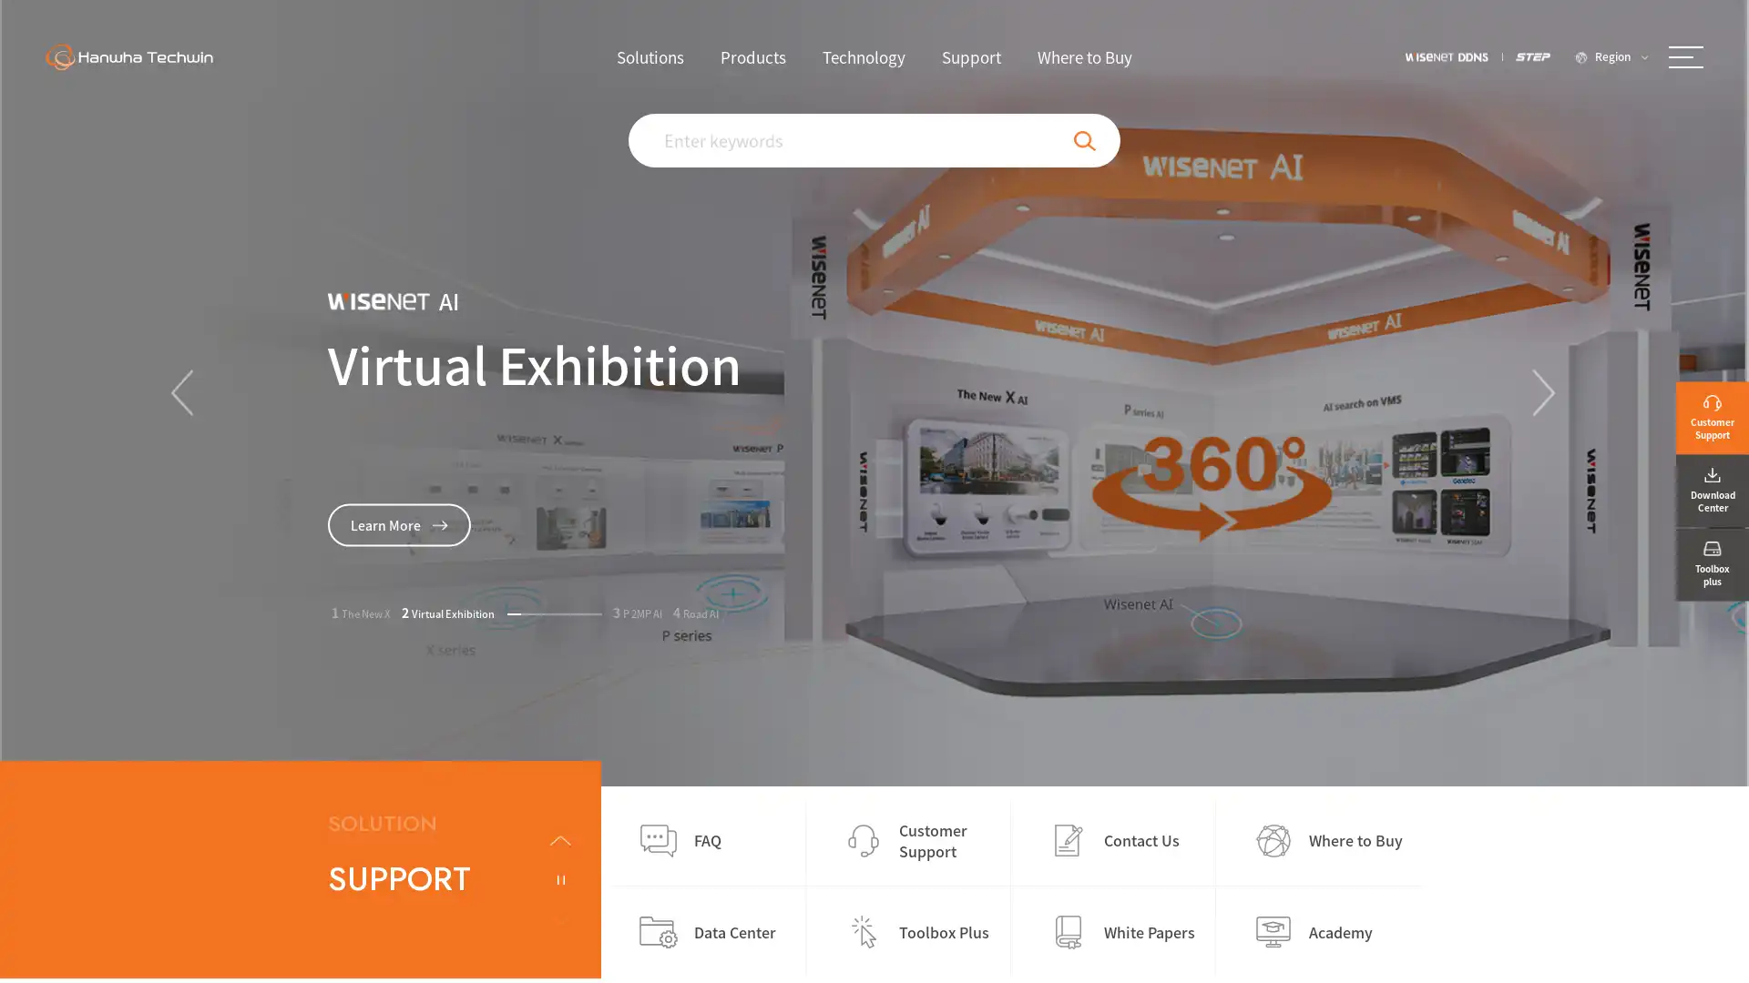 This screenshot has width=1749, height=983. Describe the element at coordinates (1084, 139) in the screenshot. I see `Search` at that location.